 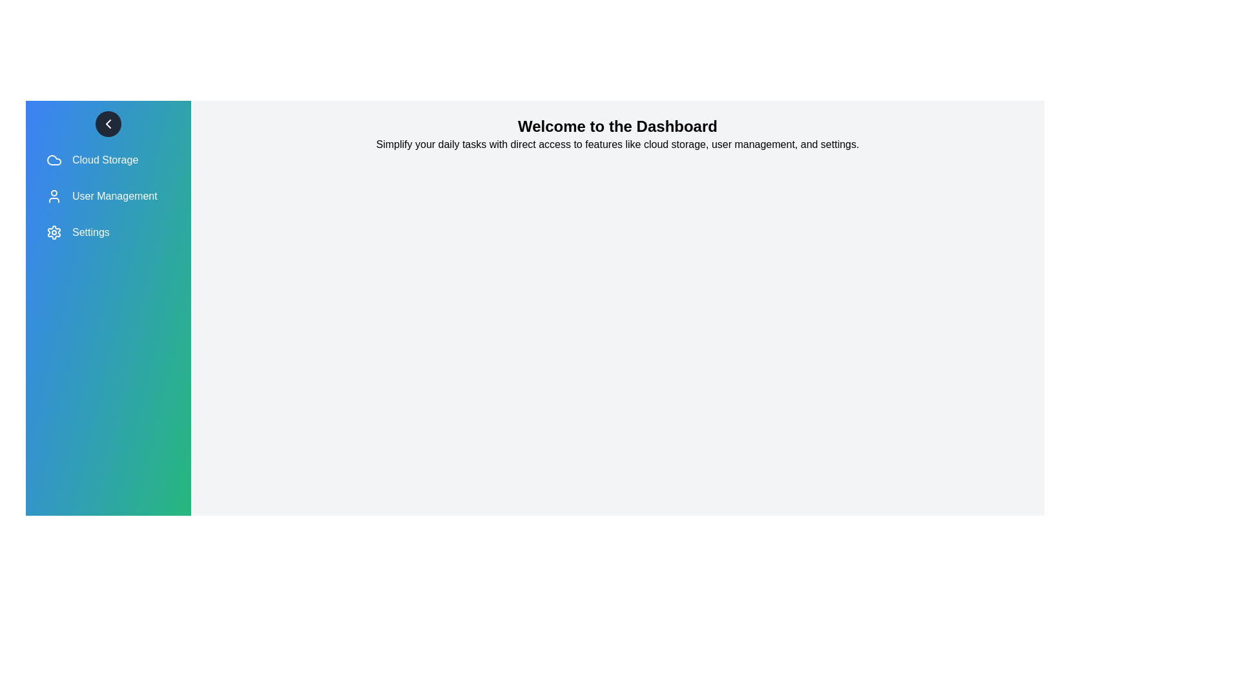 I want to click on the 'User Management' menu item, so click(x=108, y=196).